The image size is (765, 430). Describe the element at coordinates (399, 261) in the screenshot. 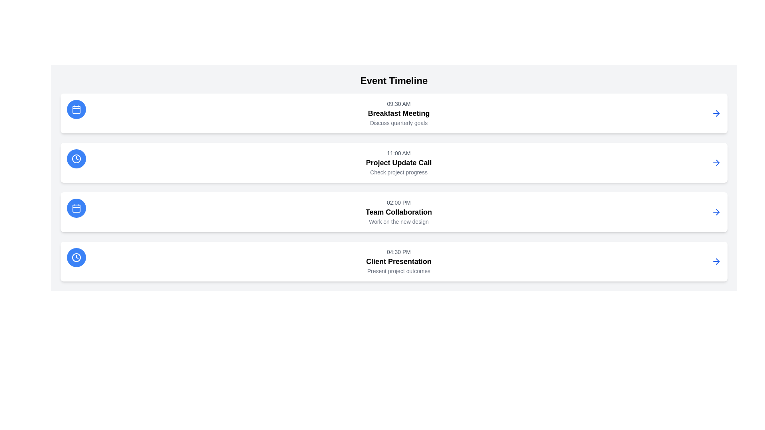

I see `the text label displaying 'Client Presentation', which is bold, black, and larger than surrounding text, positioned below '04:30 PM' and above 'Present project outcomes'` at that location.